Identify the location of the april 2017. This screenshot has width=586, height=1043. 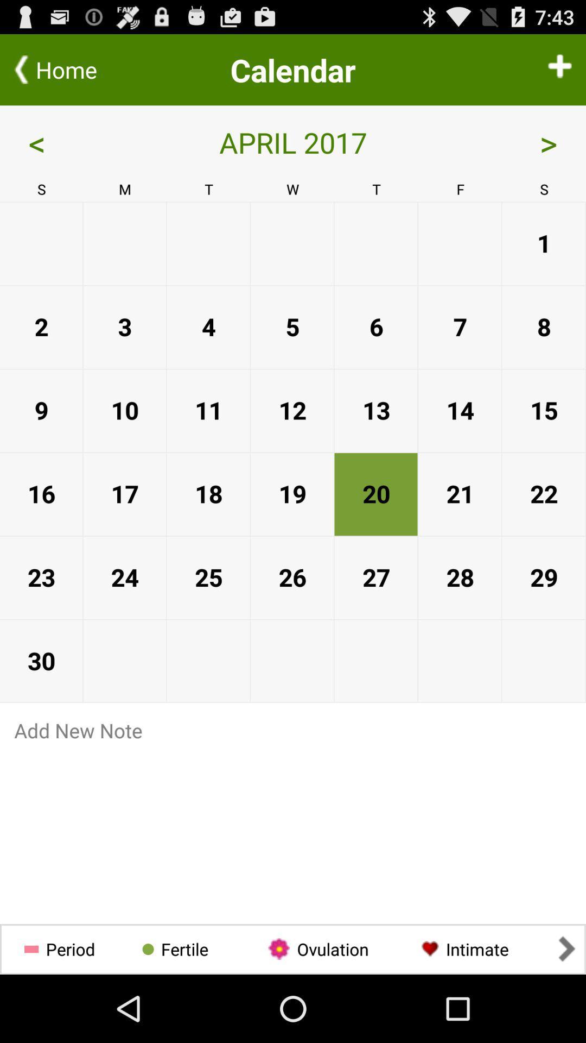
(293, 142).